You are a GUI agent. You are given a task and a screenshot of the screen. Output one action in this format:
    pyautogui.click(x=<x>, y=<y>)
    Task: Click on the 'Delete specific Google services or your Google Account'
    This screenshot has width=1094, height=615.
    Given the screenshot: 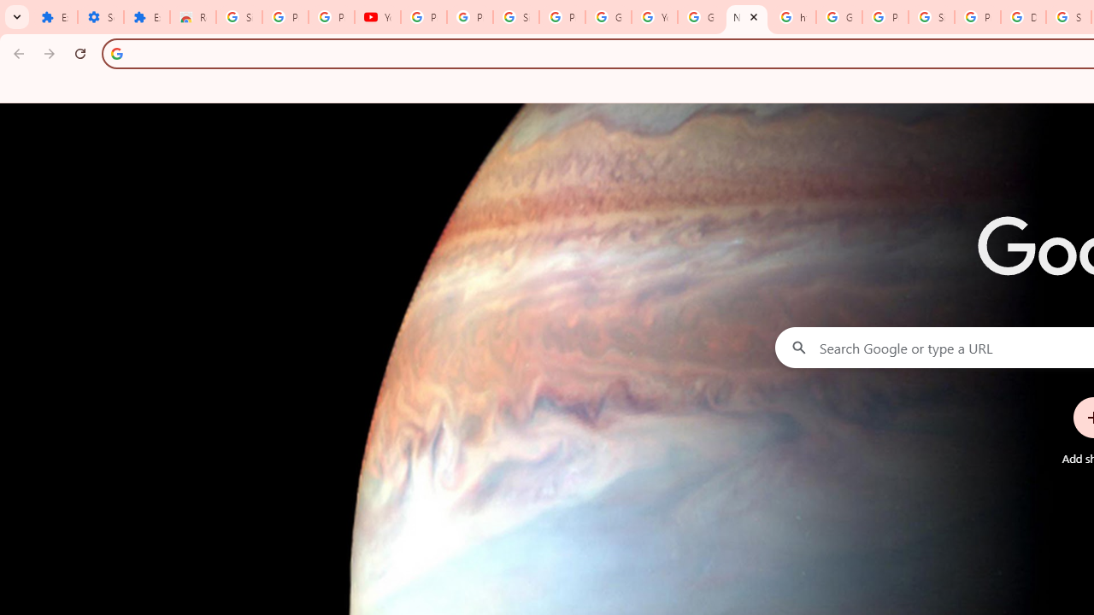 What is the action you would take?
    pyautogui.click(x=1023, y=17)
    